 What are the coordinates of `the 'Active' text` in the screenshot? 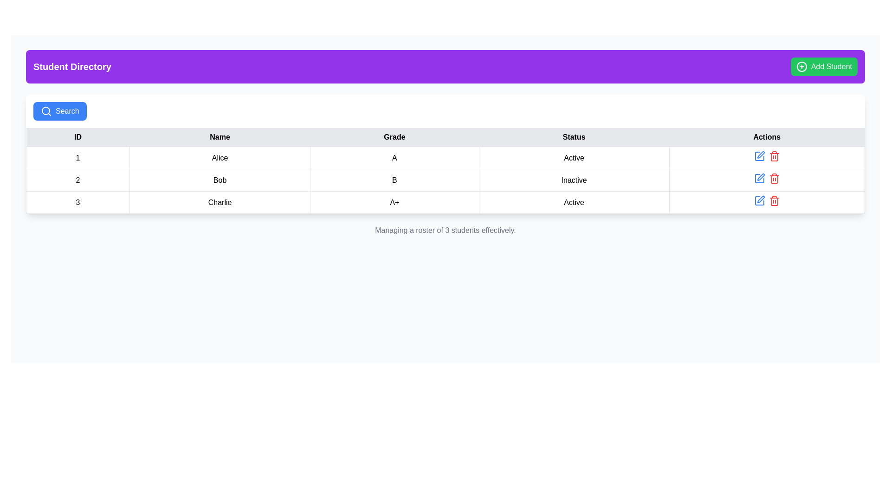 It's located at (574, 157).